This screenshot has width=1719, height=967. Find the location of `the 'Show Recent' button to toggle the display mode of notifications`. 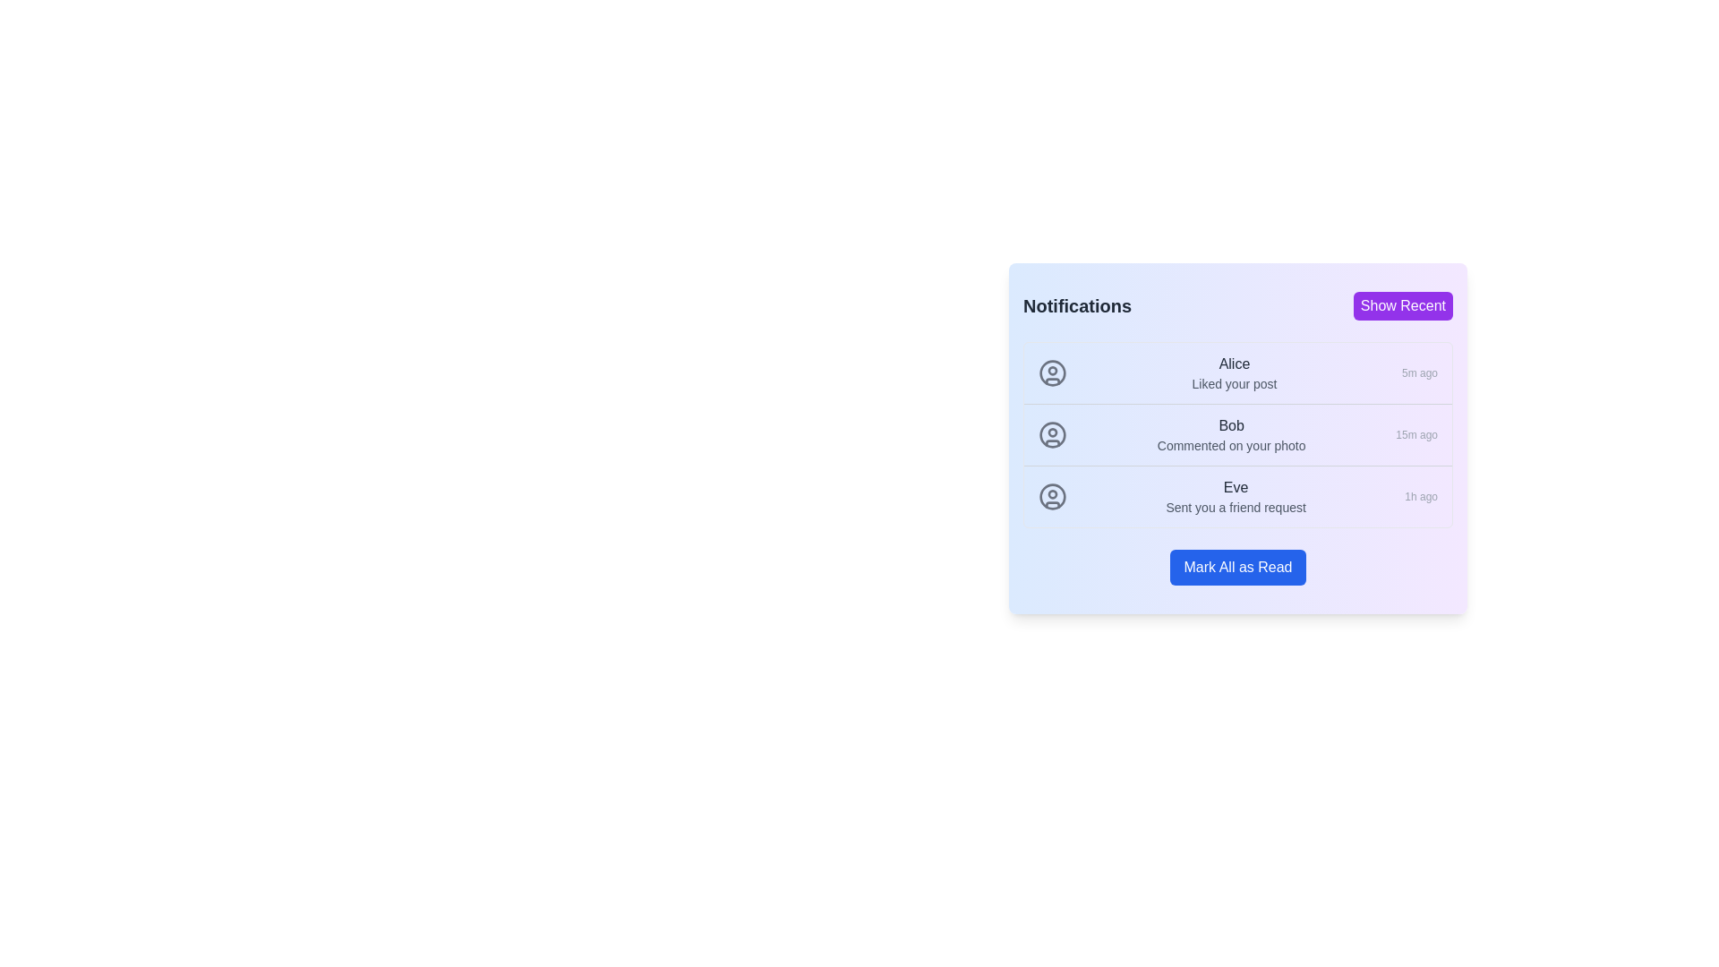

the 'Show Recent' button to toggle the display mode of notifications is located at coordinates (1401, 305).